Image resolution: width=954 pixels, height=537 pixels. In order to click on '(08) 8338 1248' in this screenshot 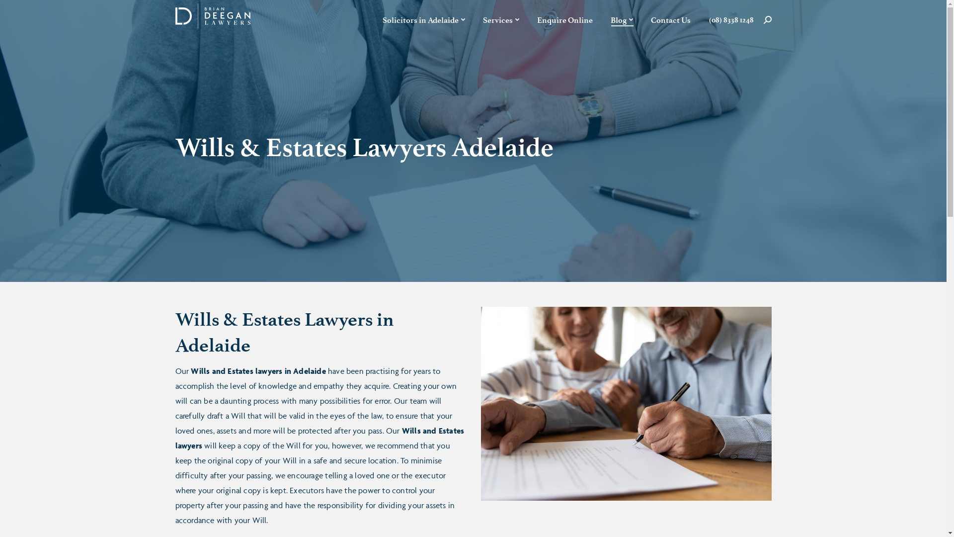, I will do `click(730, 19)`.